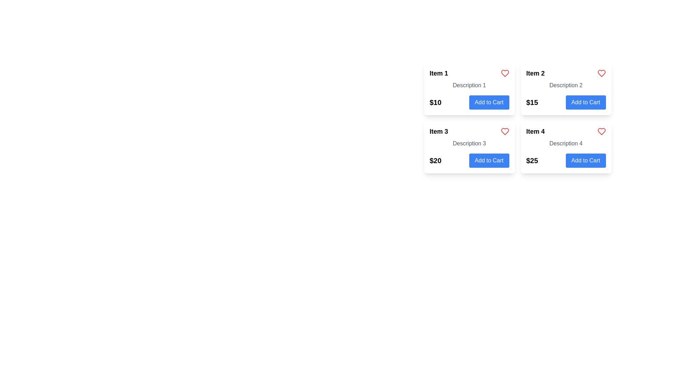 The height and width of the screenshot is (383, 682). Describe the element at coordinates (535, 131) in the screenshot. I see `the text label that reads 'Item 4', which is in bold and larger font, located in the bottom-right card of a 2x2 grid layout` at that location.